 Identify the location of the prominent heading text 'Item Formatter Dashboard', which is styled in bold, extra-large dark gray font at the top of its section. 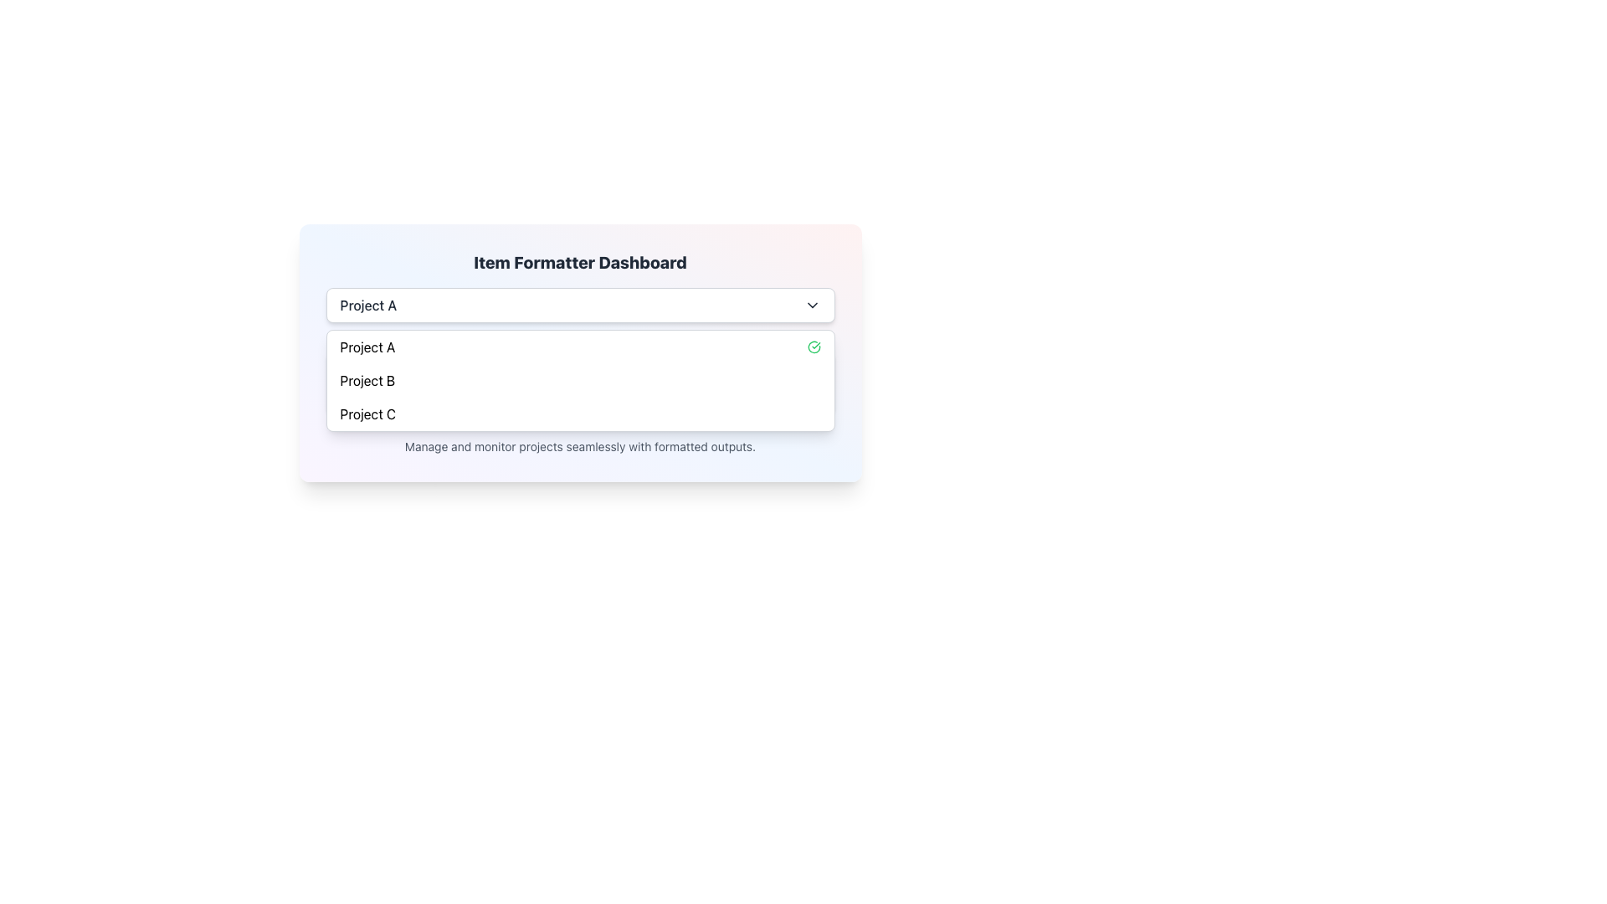
(580, 262).